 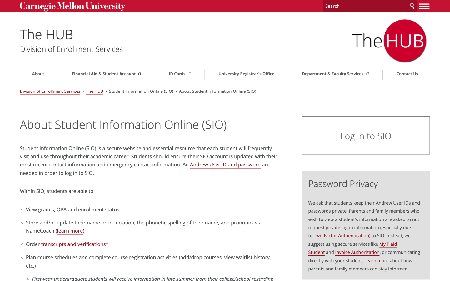 What do you see at coordinates (114, 73) in the screenshot?
I see `the Scholarship and Grants Webpage` at bounding box center [114, 73].